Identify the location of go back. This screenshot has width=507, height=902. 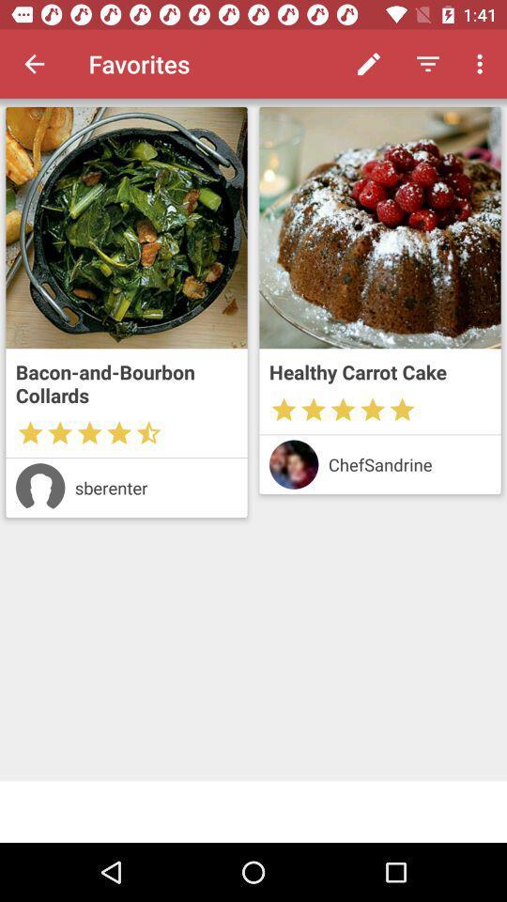
(34, 64).